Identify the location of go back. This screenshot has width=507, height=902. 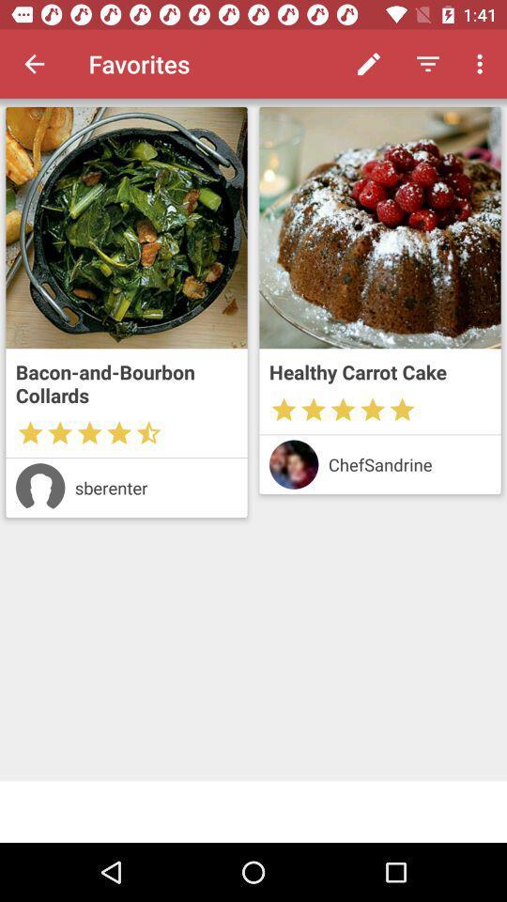
(34, 64).